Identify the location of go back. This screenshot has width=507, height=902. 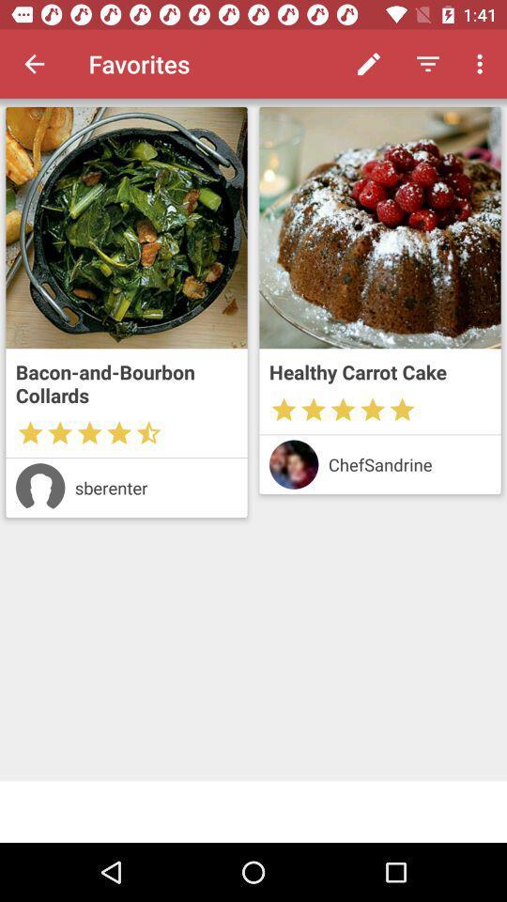
(34, 64).